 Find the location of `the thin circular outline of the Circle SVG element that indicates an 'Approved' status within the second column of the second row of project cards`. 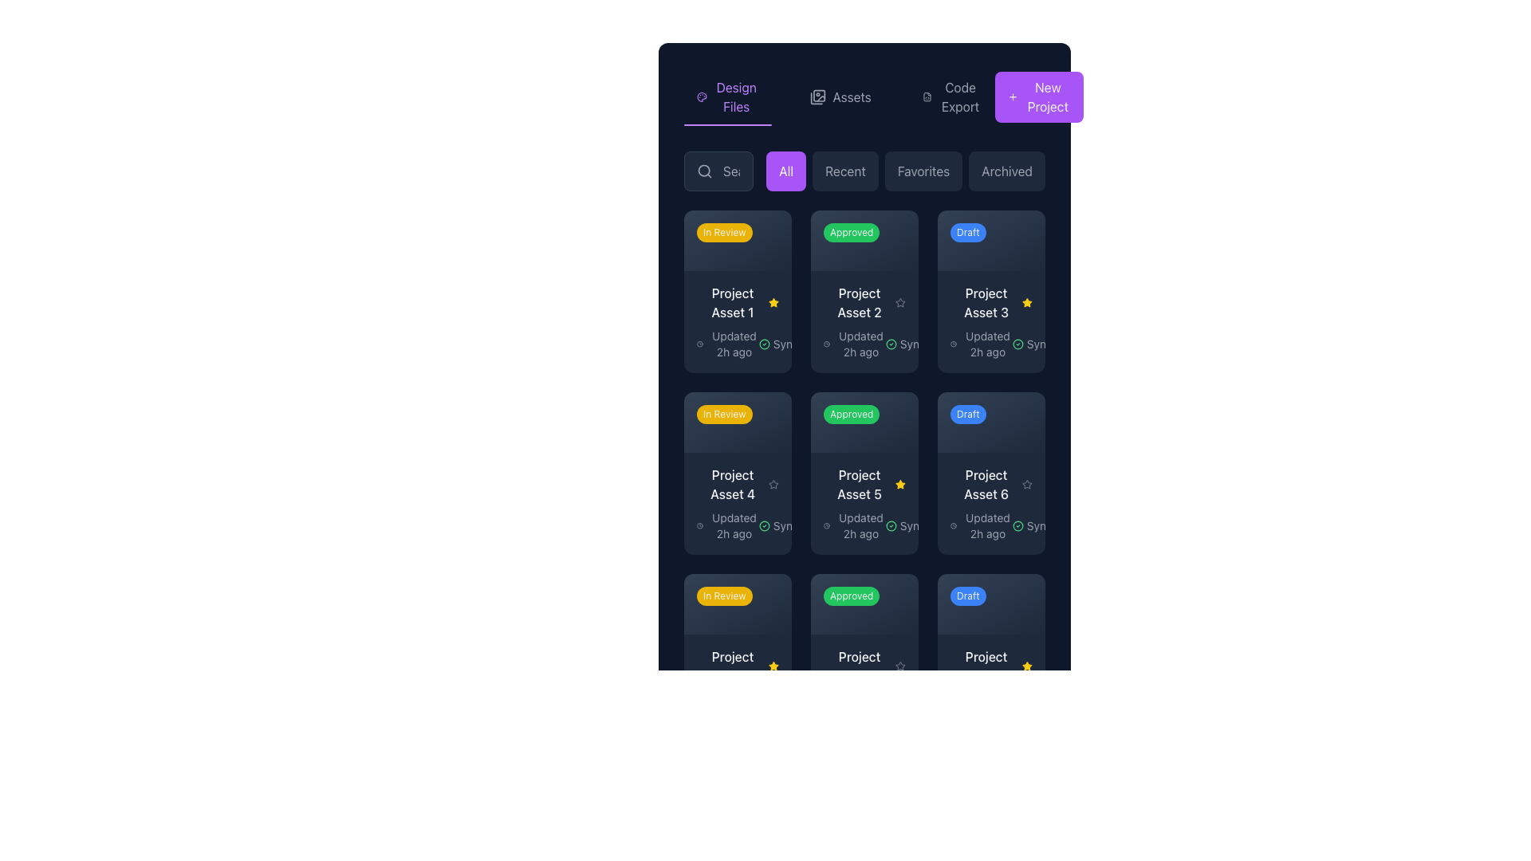

the thin circular outline of the Circle SVG element that indicates an 'Approved' status within the second column of the second row of project cards is located at coordinates (763, 525).